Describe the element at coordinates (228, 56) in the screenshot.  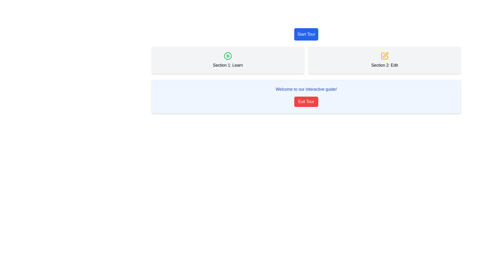
I see `the decorative graphical element (circle) within the green circular icon of the 'Section 1: Learn' label located in the upper-middle part of the interface` at that location.